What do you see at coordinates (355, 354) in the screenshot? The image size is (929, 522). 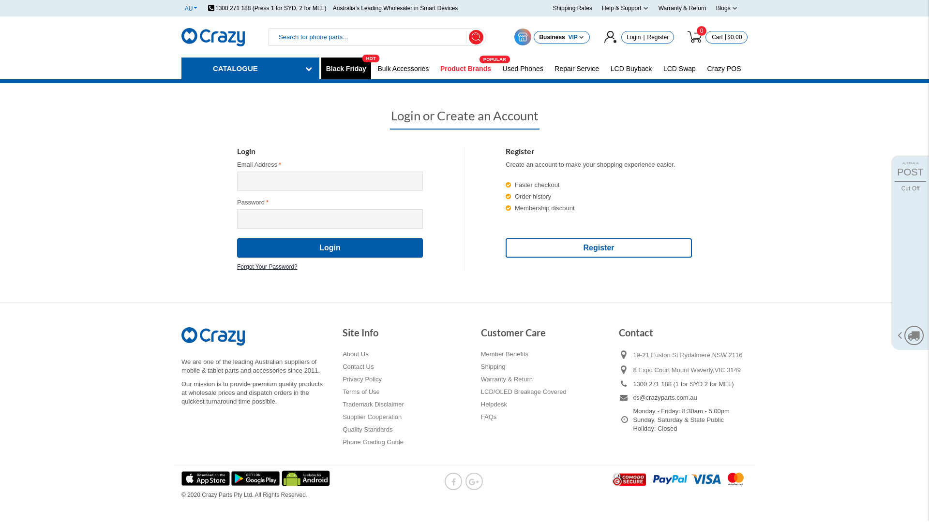 I see `'About Us'` at bounding box center [355, 354].